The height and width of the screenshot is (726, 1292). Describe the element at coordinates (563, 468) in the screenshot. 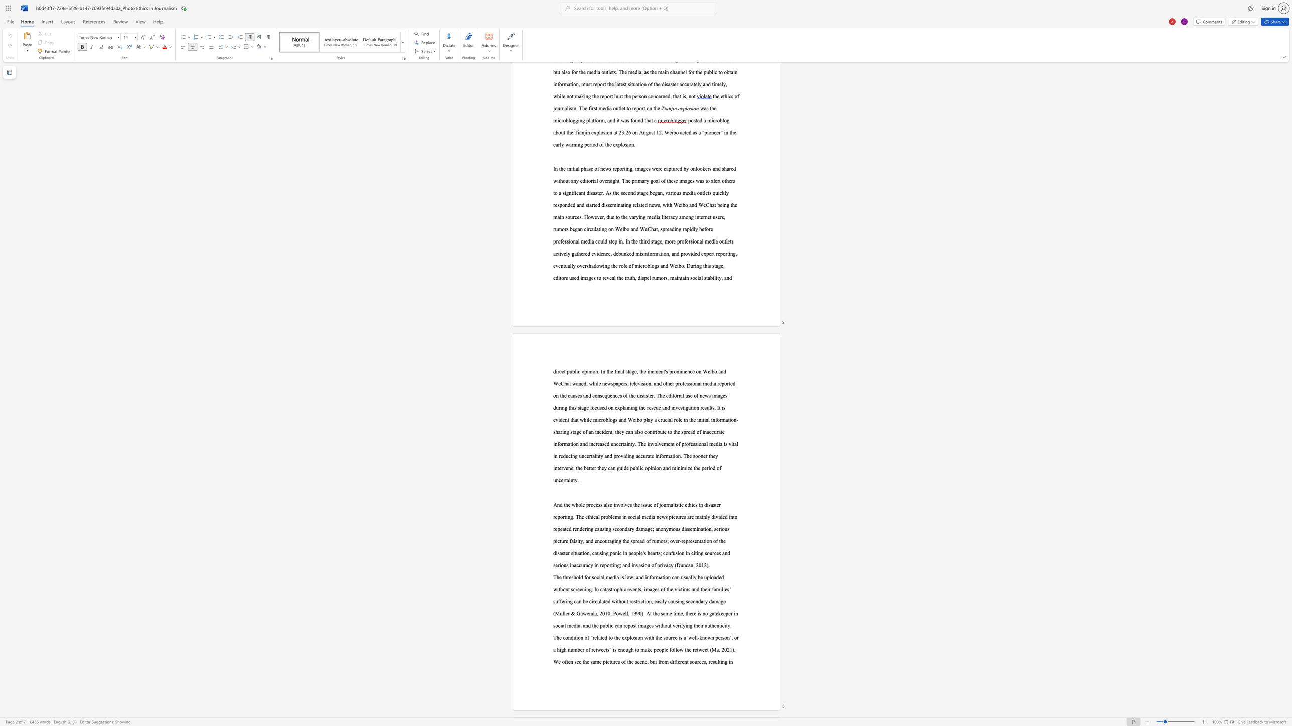

I see `the subset text "vene, the better they can g" within the text "information. The sooner they intervene, the better they can guide public opinion and minimize the period of uncertainty."` at that location.